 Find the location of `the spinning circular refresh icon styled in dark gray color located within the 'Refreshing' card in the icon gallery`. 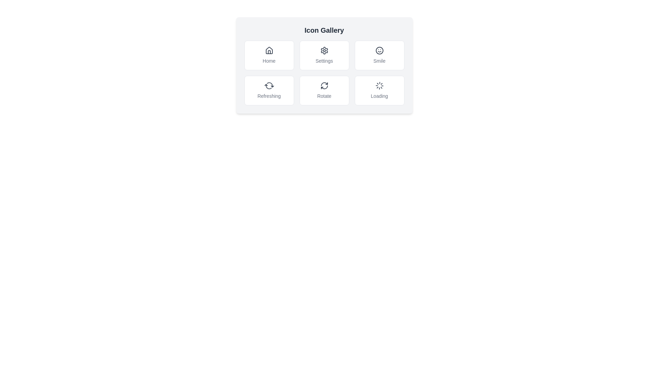

the spinning circular refresh icon styled in dark gray color located within the 'Refreshing' card in the icon gallery is located at coordinates (269, 85).